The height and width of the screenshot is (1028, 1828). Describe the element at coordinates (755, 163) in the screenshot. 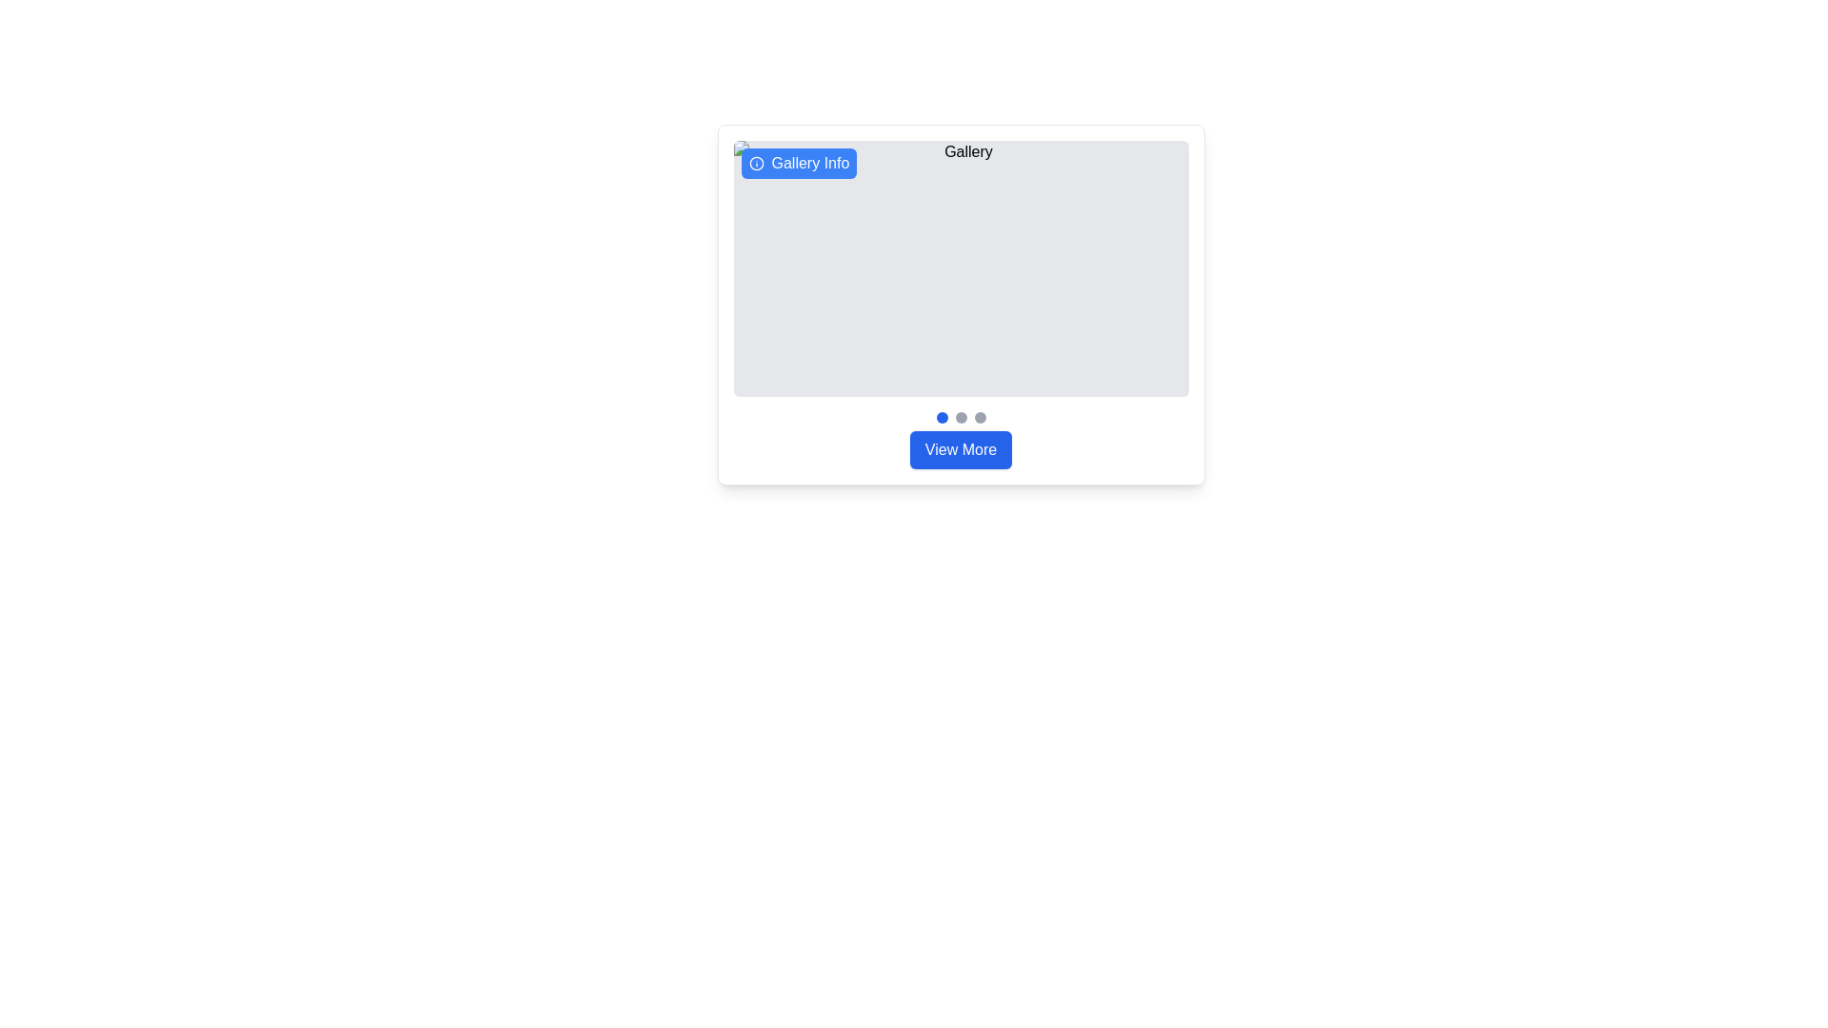

I see `the SVG icon element resembling an information symbol within the 'Gallery Info' button located in the top-left corner of the interface` at that location.